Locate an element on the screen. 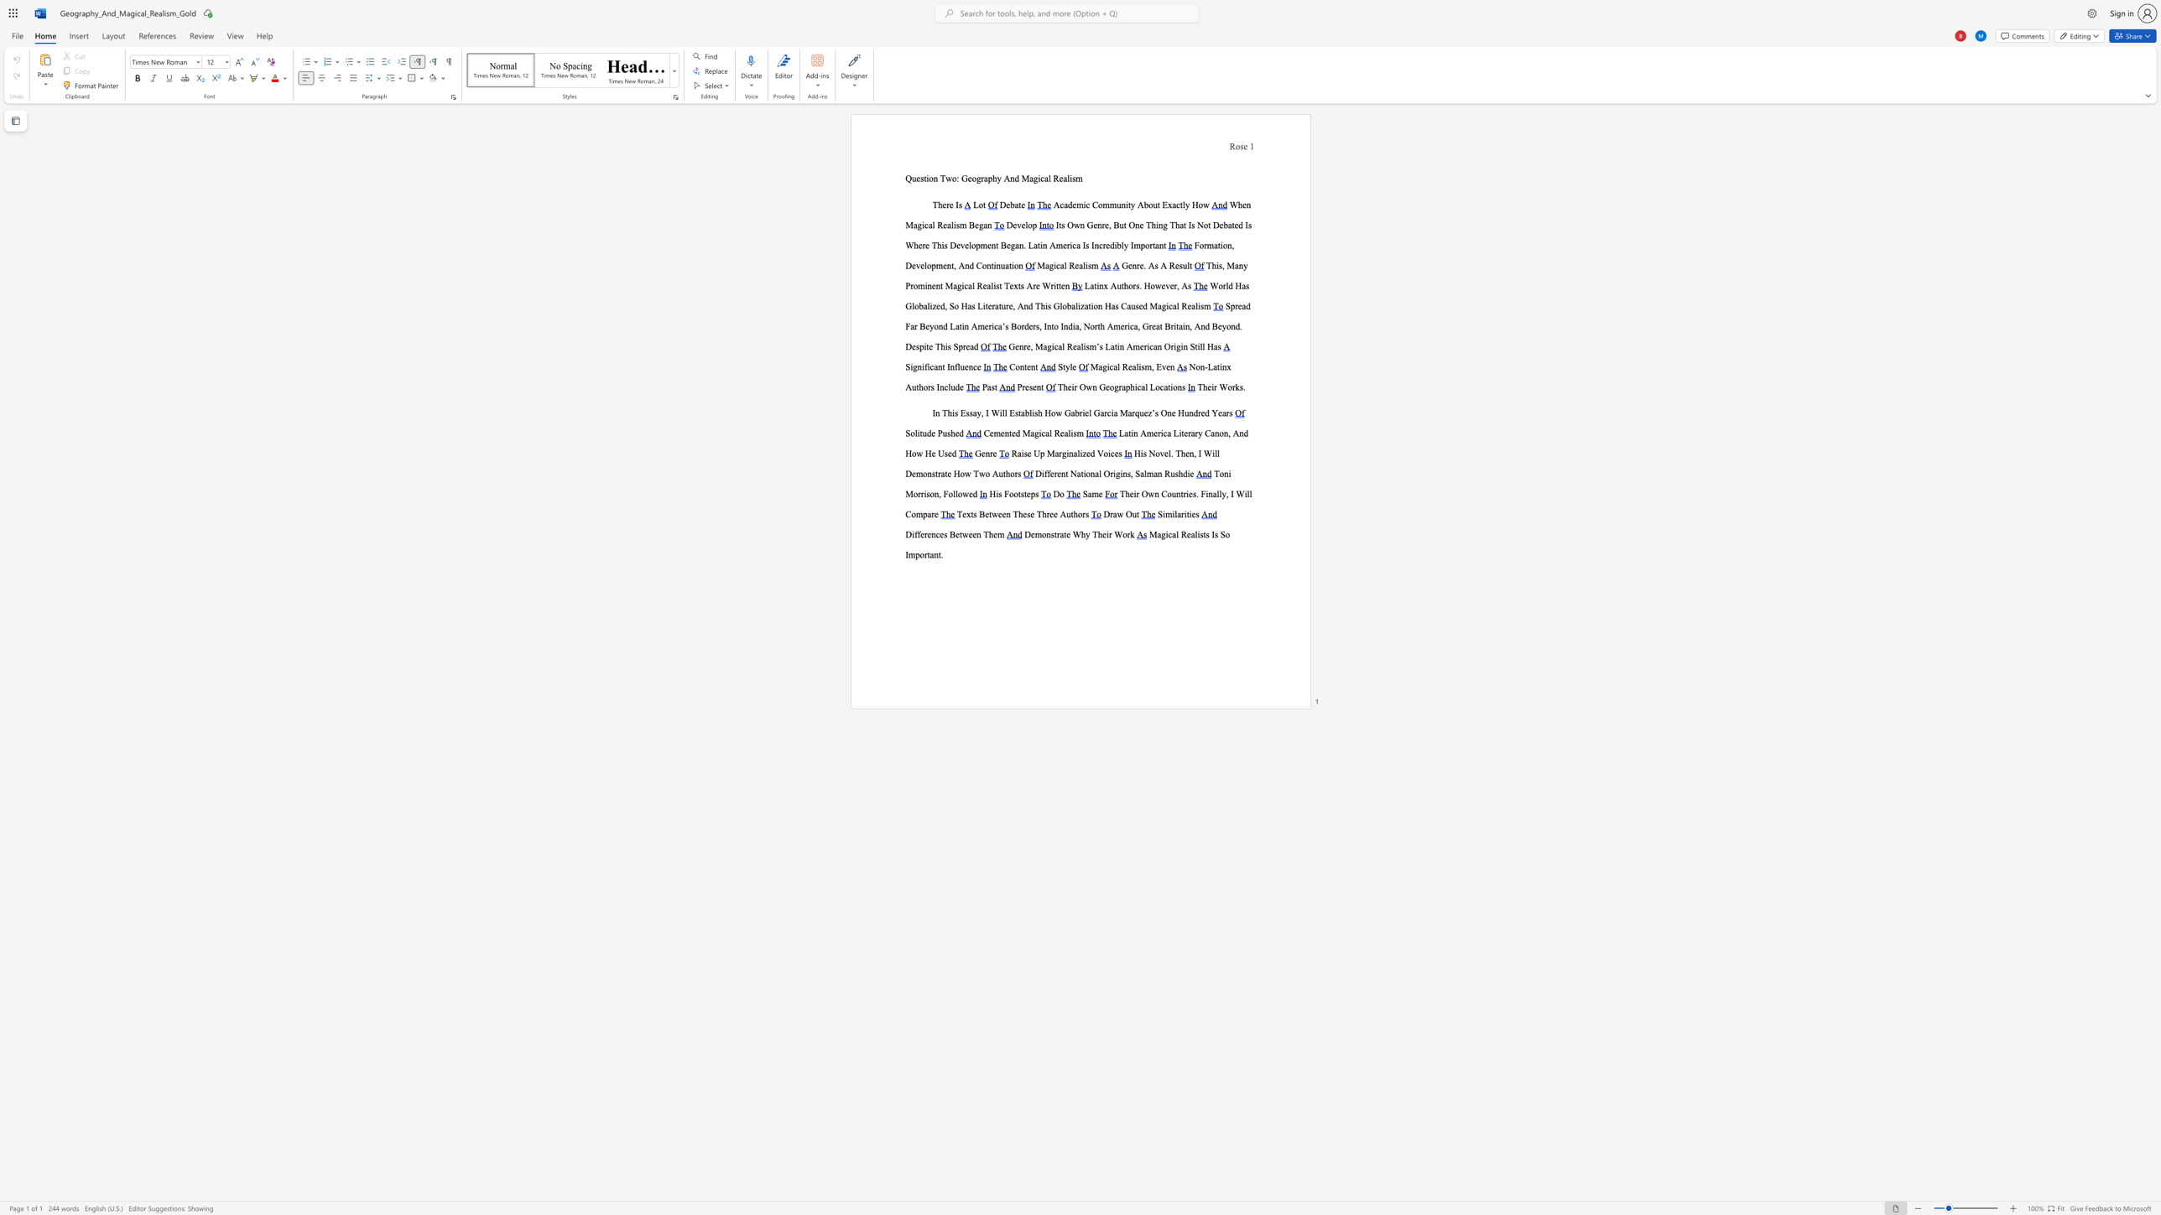  the subset text "l Origins, Salman Rushd" within the text "Different National Origins, Salman Rushdie" is located at coordinates (1098, 473).